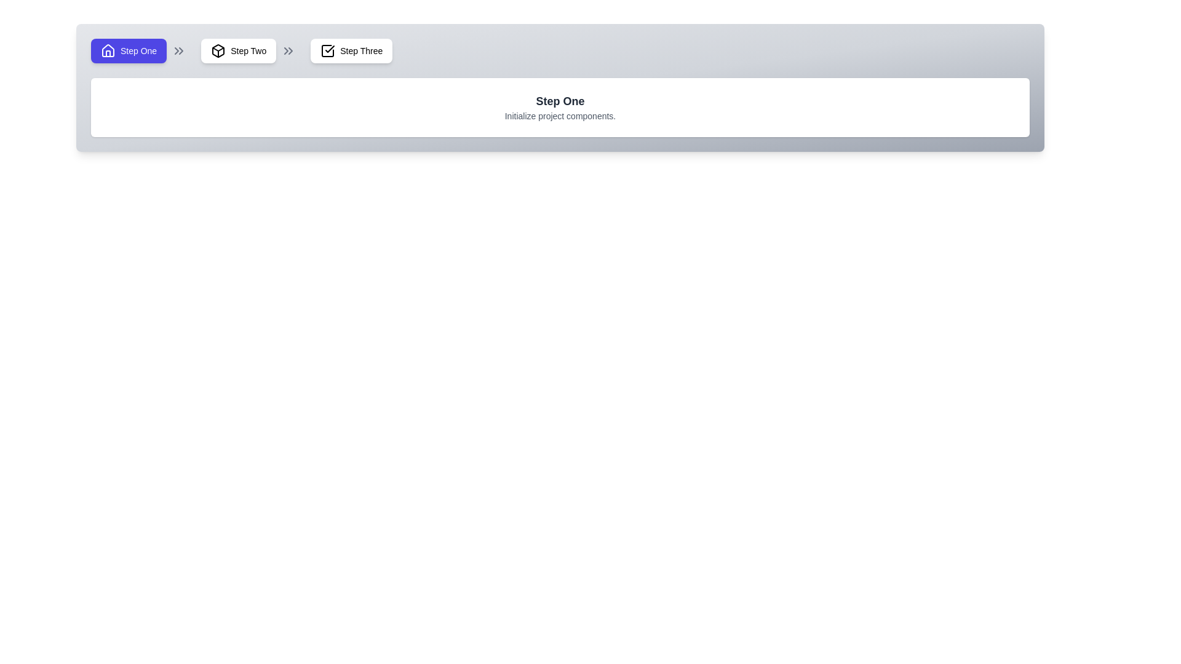 The height and width of the screenshot is (664, 1181). Describe the element at coordinates (178, 50) in the screenshot. I see `the small right-chevron icon, which is gray with a thin outline, located in the navigation panel next to the 'Step One' button` at that location.